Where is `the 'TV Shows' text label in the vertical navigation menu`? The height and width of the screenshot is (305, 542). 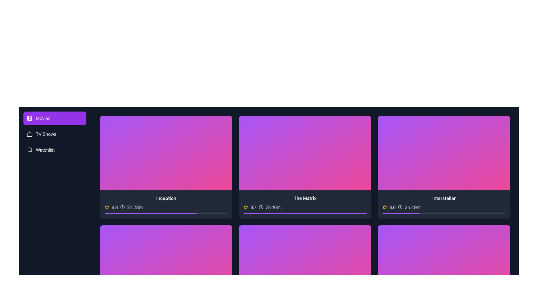 the 'TV Shows' text label in the vertical navigation menu is located at coordinates (46, 134).